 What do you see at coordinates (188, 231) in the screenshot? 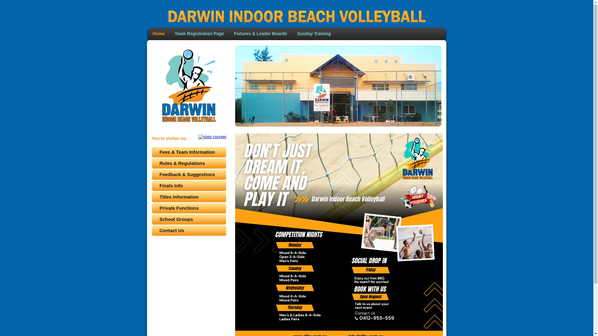
I see `'Contact Us'` at bounding box center [188, 231].